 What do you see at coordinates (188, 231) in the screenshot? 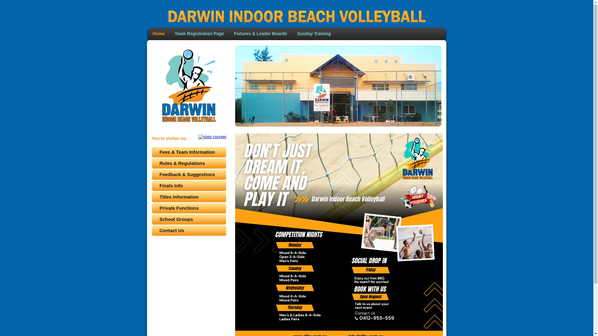
I see `'Contact Us'` at bounding box center [188, 231].